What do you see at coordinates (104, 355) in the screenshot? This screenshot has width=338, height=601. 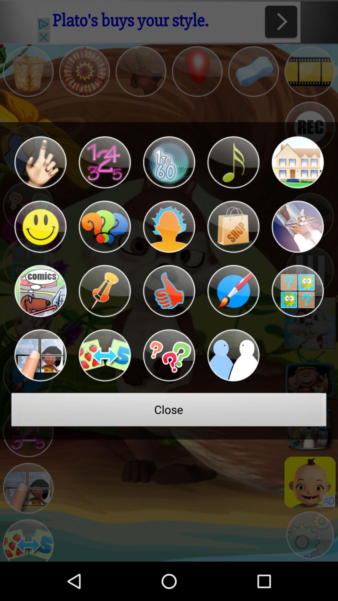 I see `the item above the close item` at bounding box center [104, 355].